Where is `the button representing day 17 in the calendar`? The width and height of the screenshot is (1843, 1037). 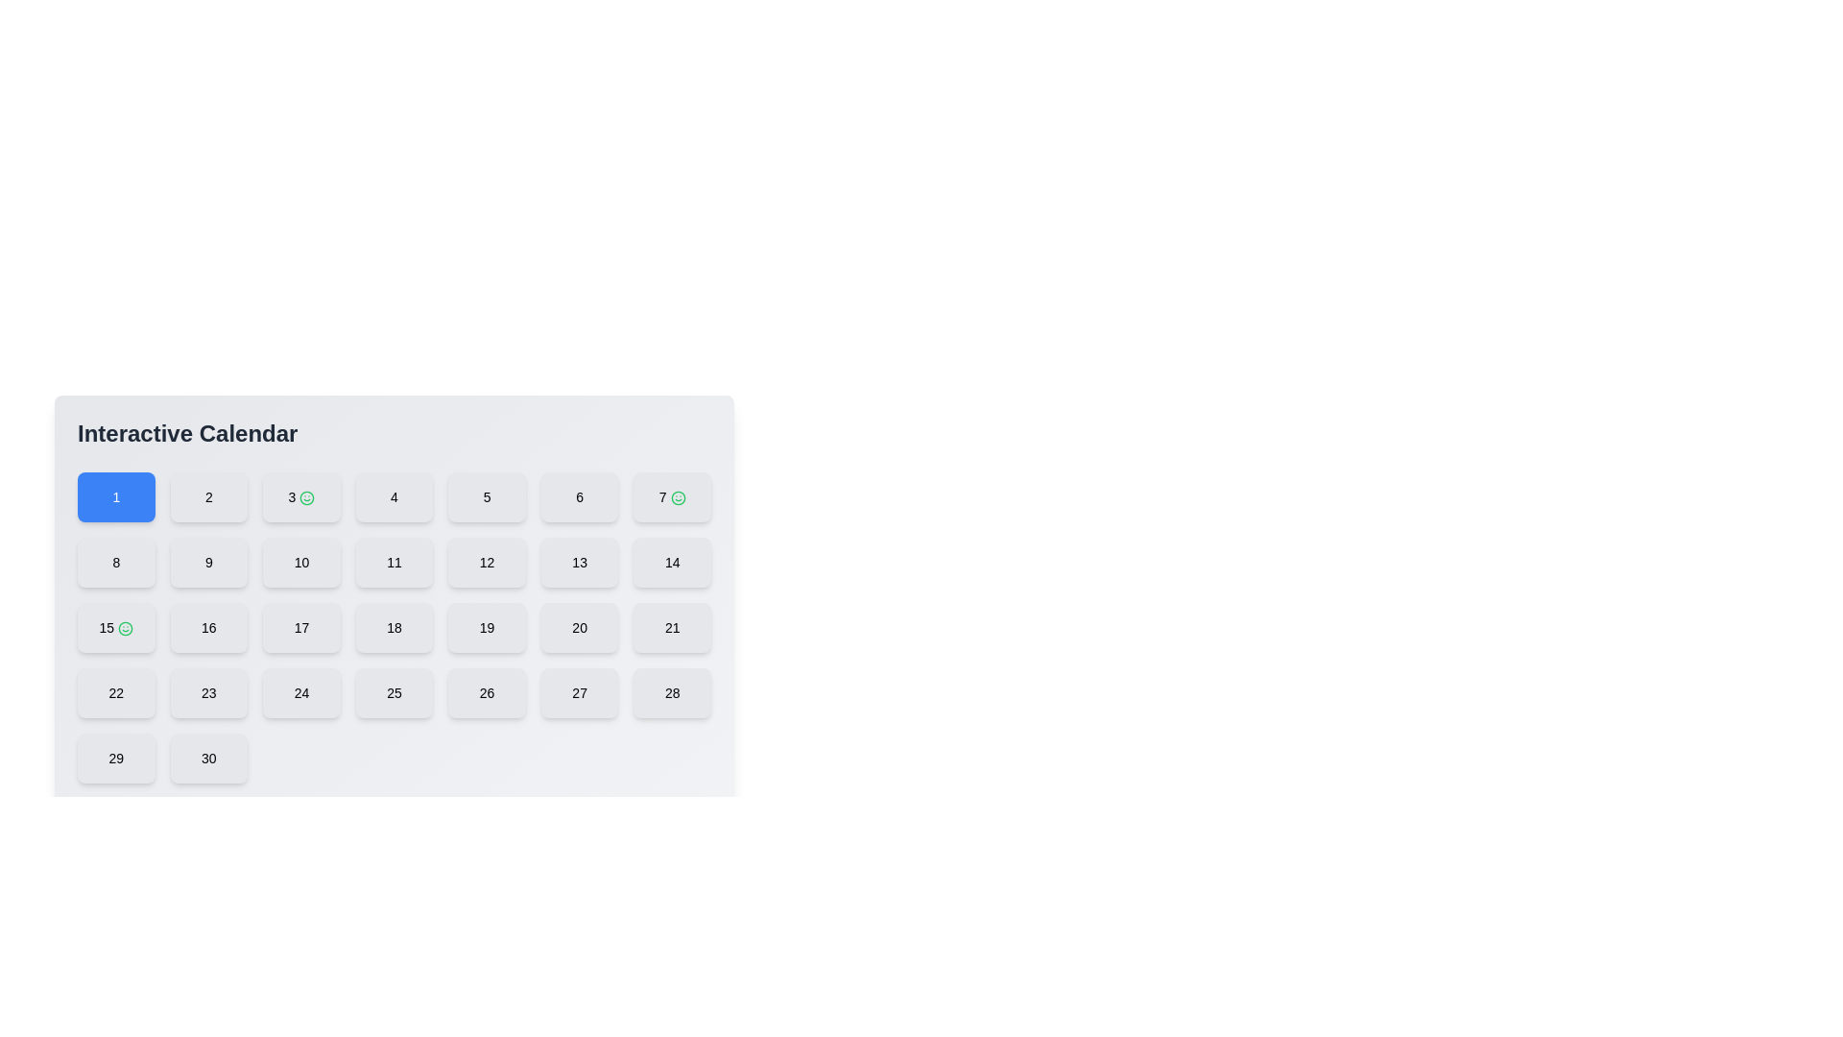 the button representing day 17 in the calendar is located at coordinates (300, 628).